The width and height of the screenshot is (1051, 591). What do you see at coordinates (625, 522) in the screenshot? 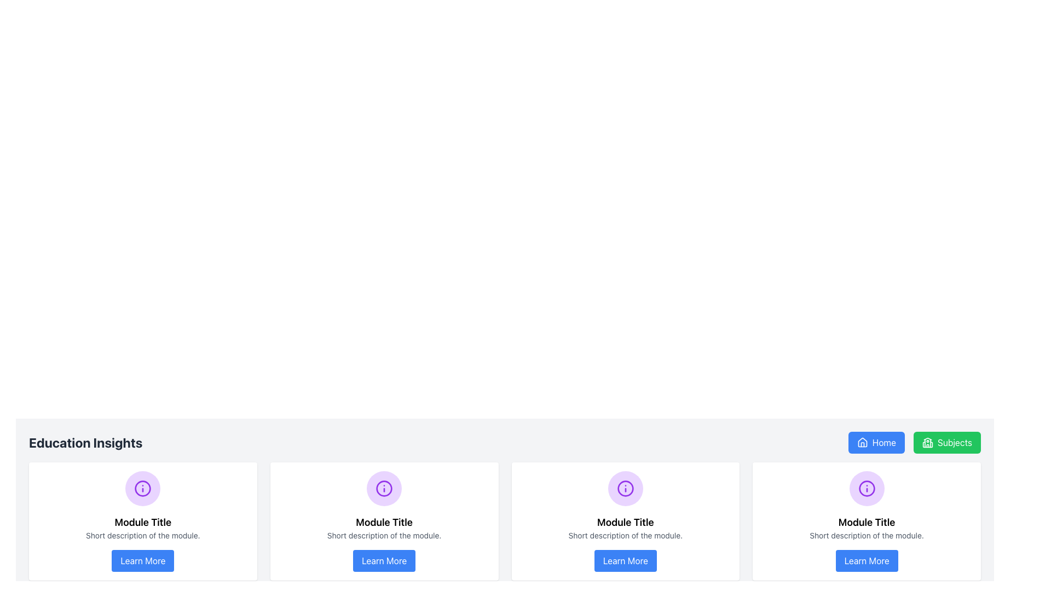
I see `the title text located in the second card from the left, positioned beneath a purple circular icon and above descriptive text and a button` at bounding box center [625, 522].